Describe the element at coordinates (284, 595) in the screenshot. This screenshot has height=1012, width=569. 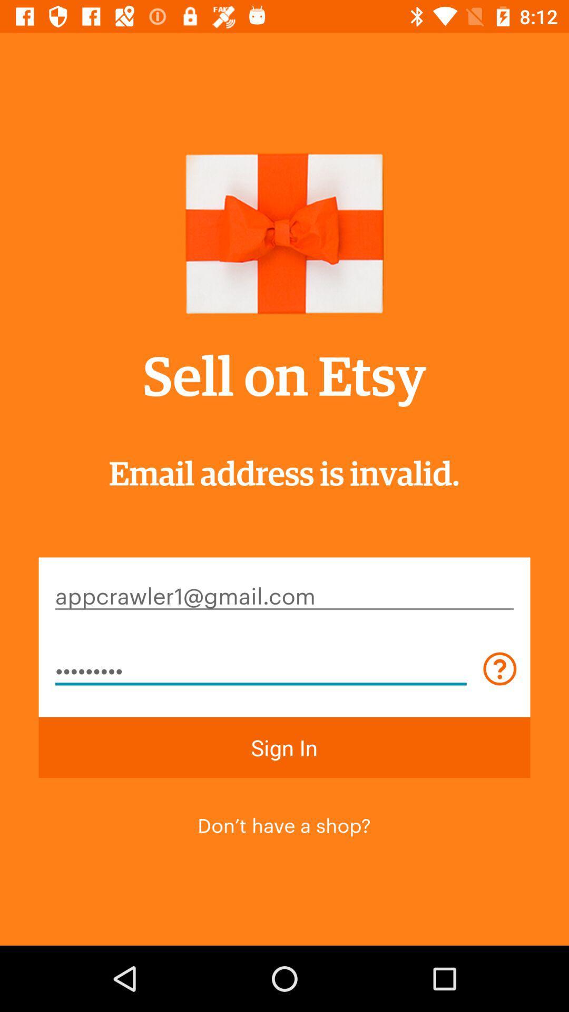
I see `the icon below email address is icon` at that location.